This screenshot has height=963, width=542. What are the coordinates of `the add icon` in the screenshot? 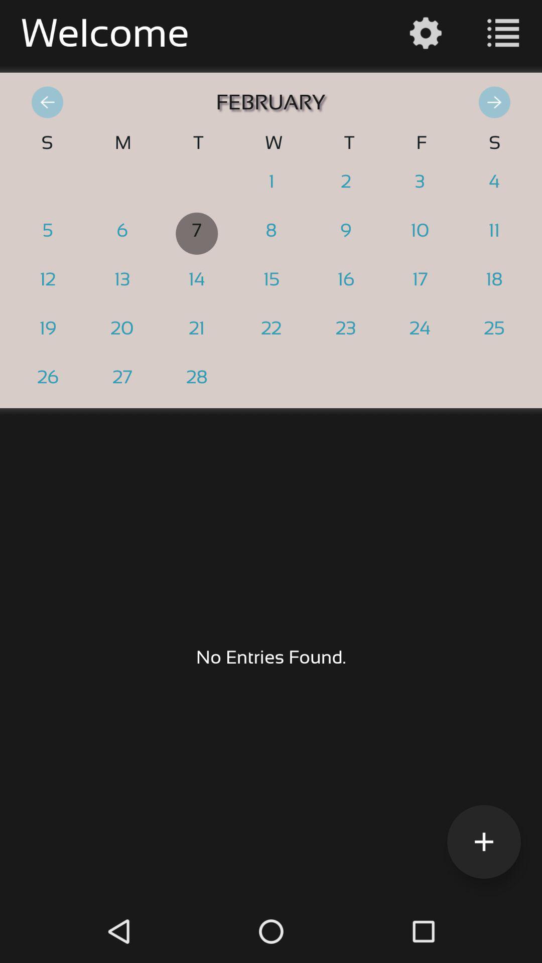 It's located at (483, 842).